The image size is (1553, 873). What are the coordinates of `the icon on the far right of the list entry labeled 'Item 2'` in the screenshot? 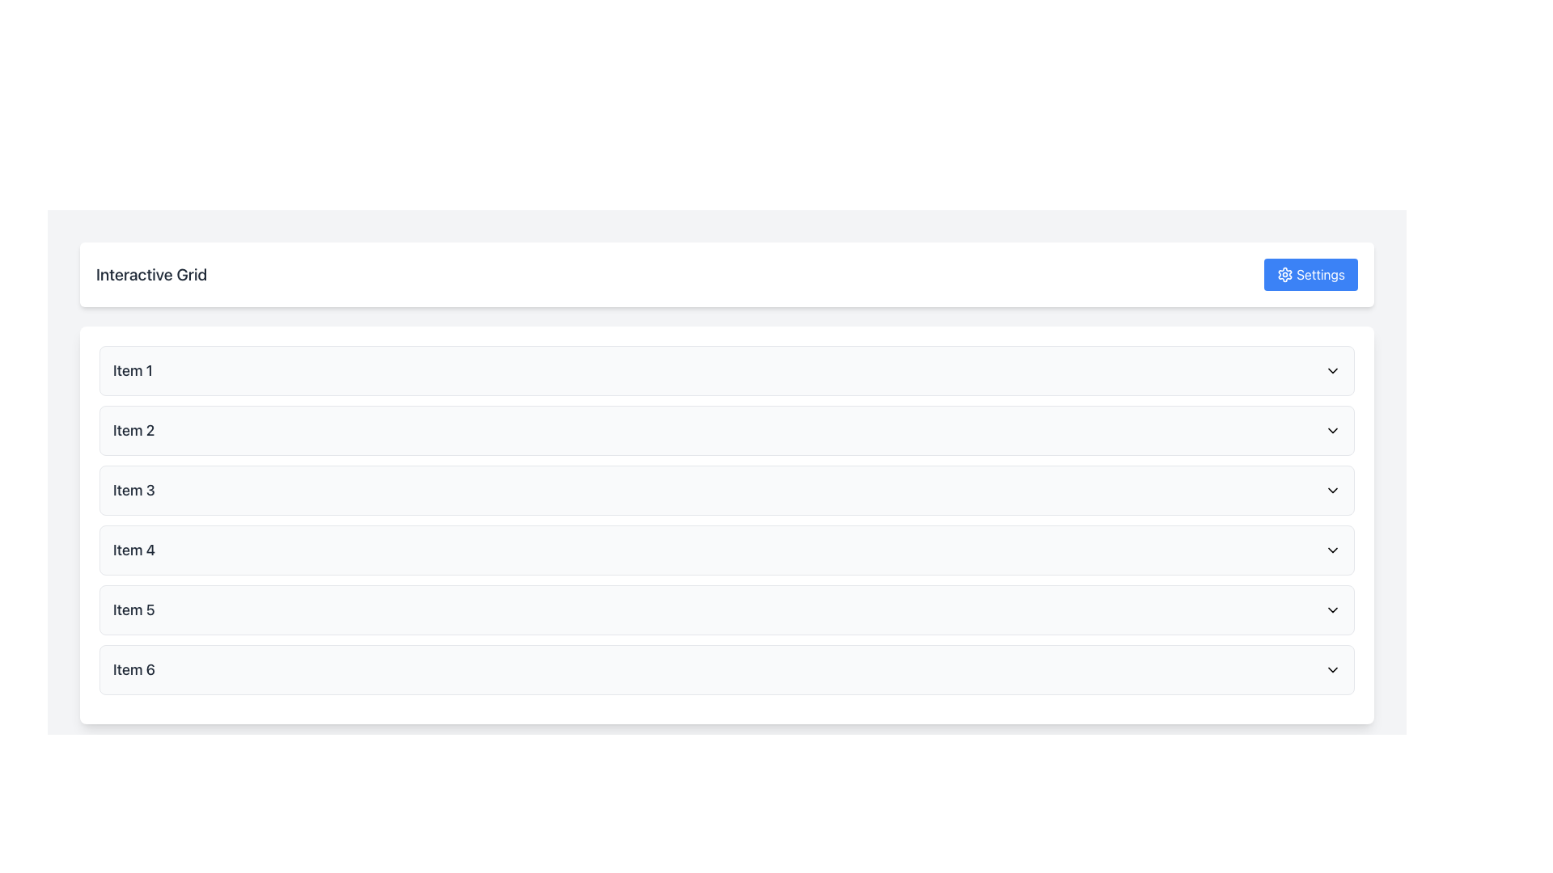 It's located at (1332, 429).